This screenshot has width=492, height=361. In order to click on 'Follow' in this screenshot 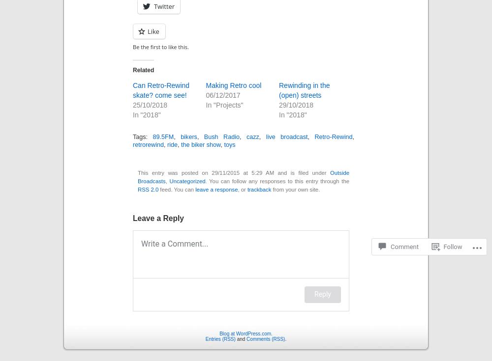, I will do `click(453, 247)`.